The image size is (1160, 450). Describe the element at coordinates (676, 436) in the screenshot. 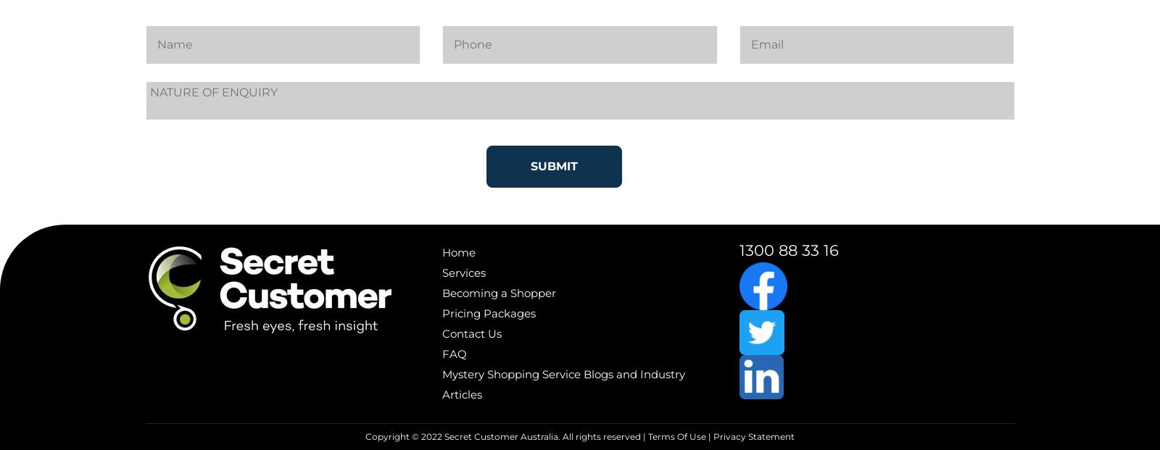

I see `'Terms Of Use'` at that location.